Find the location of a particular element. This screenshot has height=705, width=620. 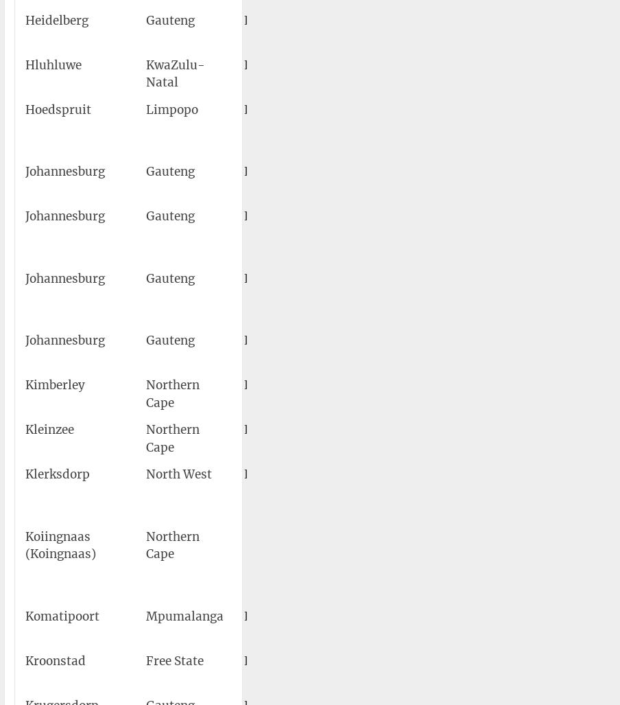

'QRA' is located at coordinates (315, 340).